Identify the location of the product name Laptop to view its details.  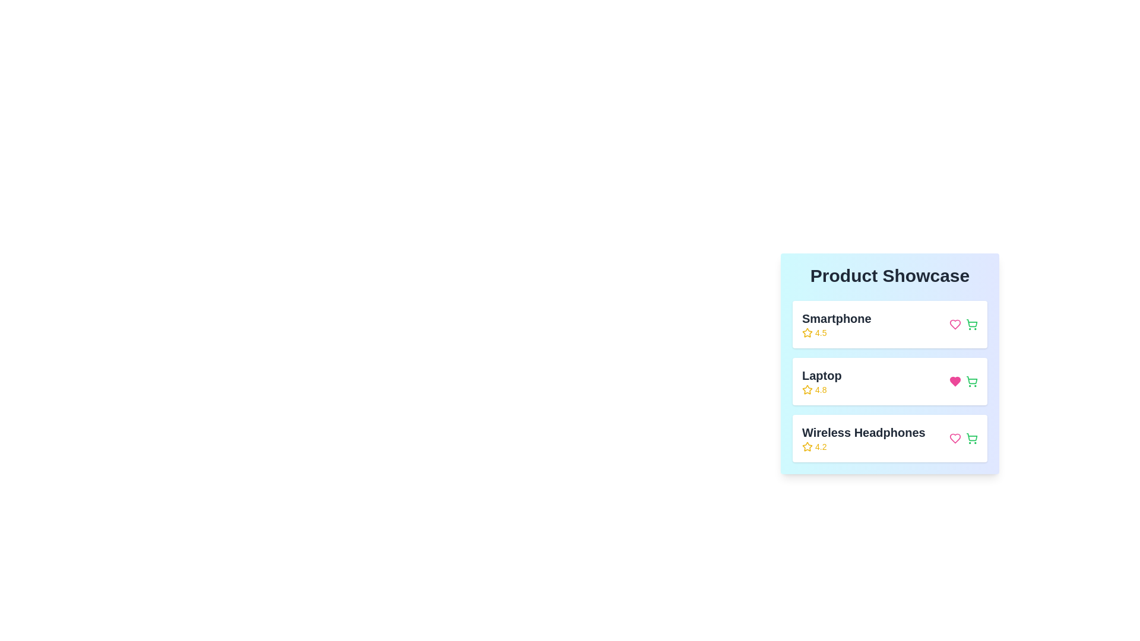
(821, 382).